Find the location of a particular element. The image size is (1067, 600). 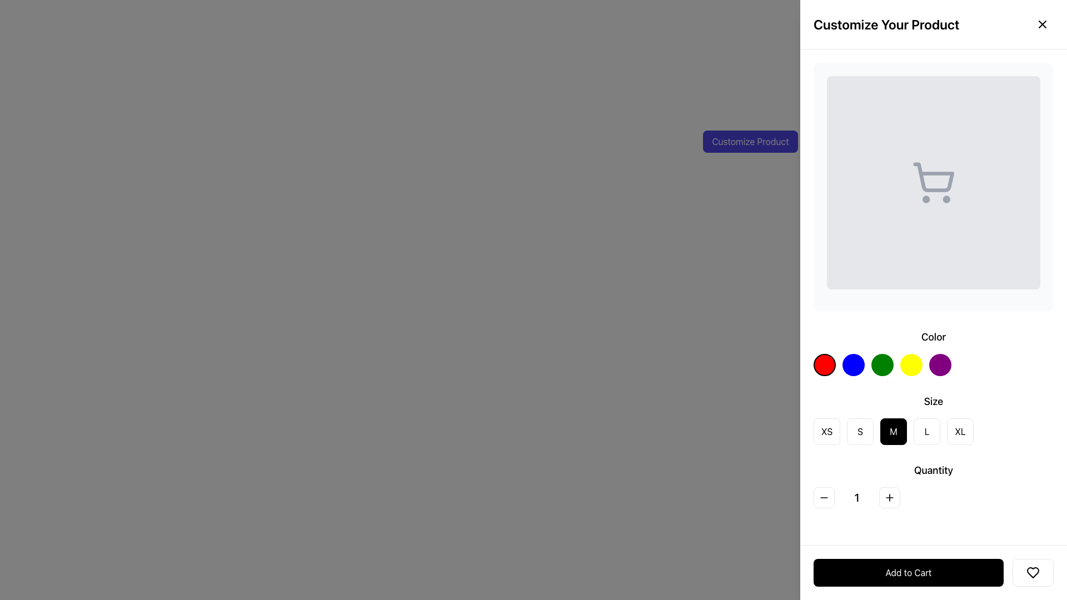

the shopping cart icon in the 'Customize Your Product' interface, which symbolizes purchasing and is located near the center of the preview box at the top of the right panel is located at coordinates (934, 177).